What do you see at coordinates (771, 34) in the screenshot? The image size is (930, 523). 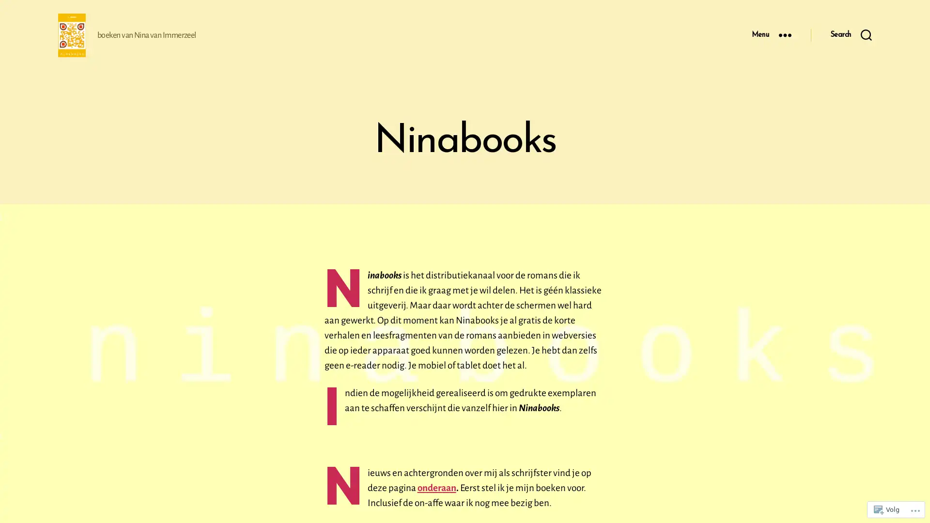 I see `Menu` at bounding box center [771, 34].